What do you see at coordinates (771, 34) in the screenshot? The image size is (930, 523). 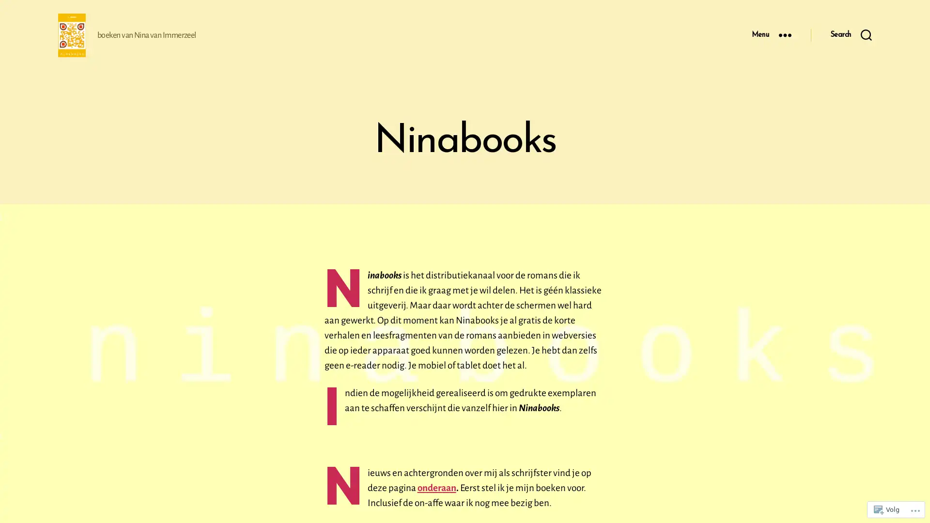 I see `Menu` at bounding box center [771, 34].